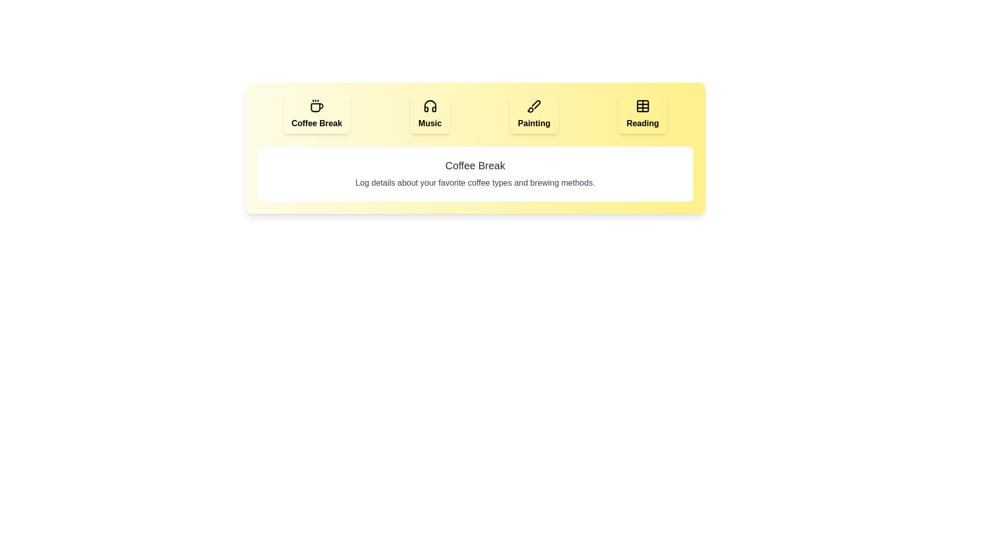 The image size is (986, 554). I want to click on the 'Music' text label located in the central upper navigation area, positioned below the headphones icon and second from the left in a group of options, so click(430, 123).